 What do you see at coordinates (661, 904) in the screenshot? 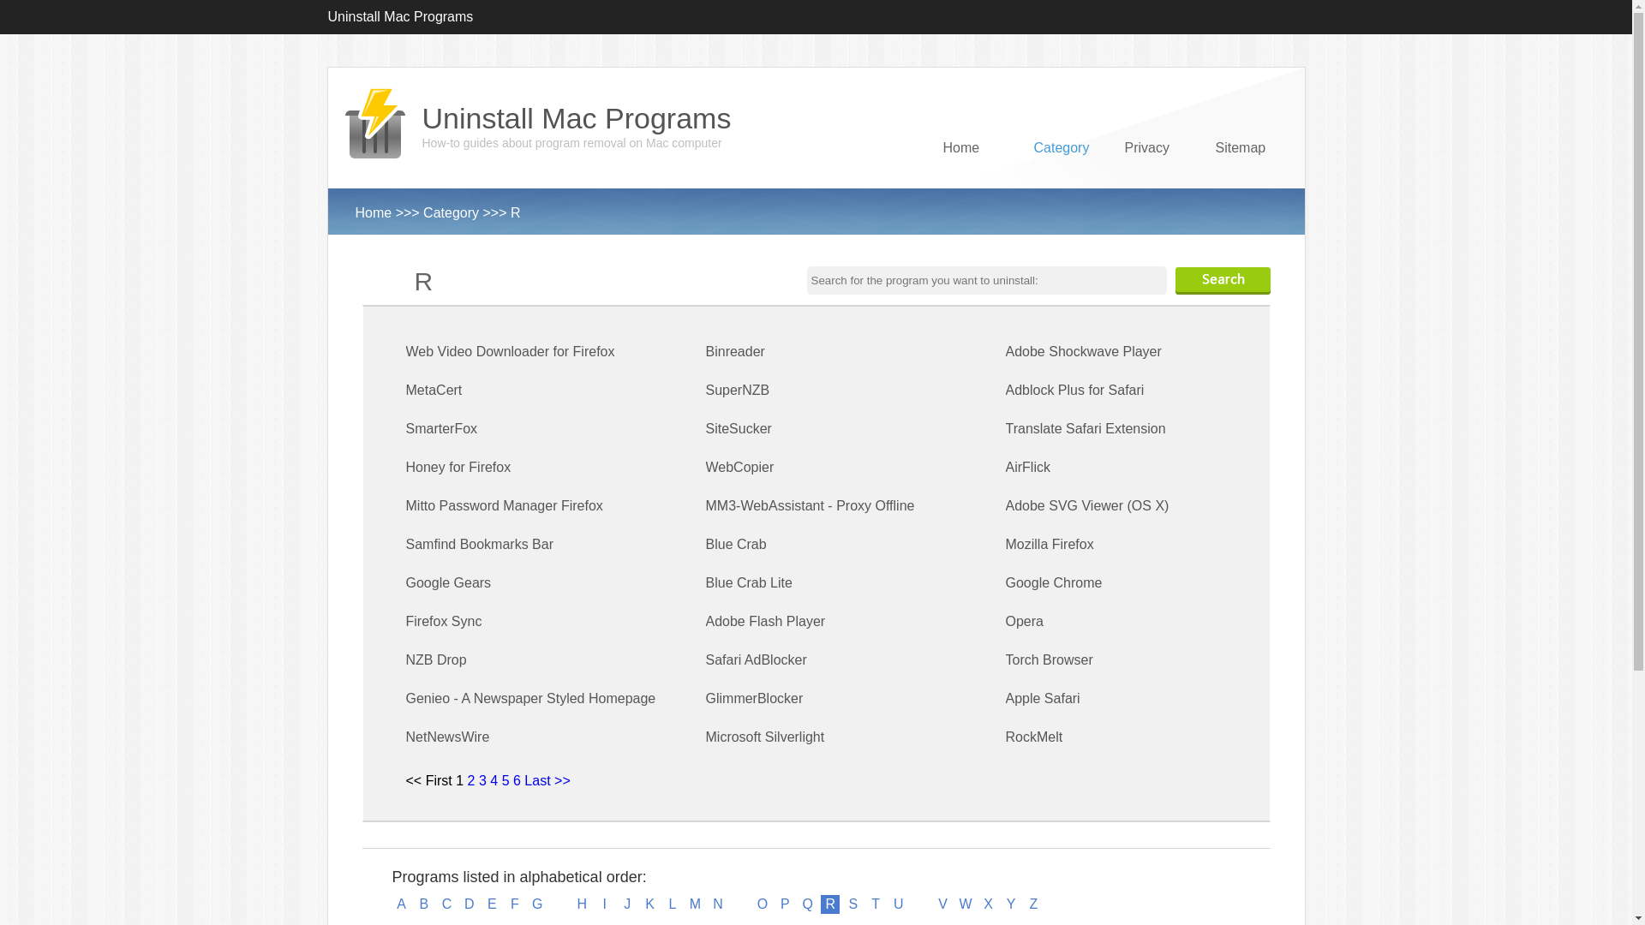
I see `'L'` at bounding box center [661, 904].